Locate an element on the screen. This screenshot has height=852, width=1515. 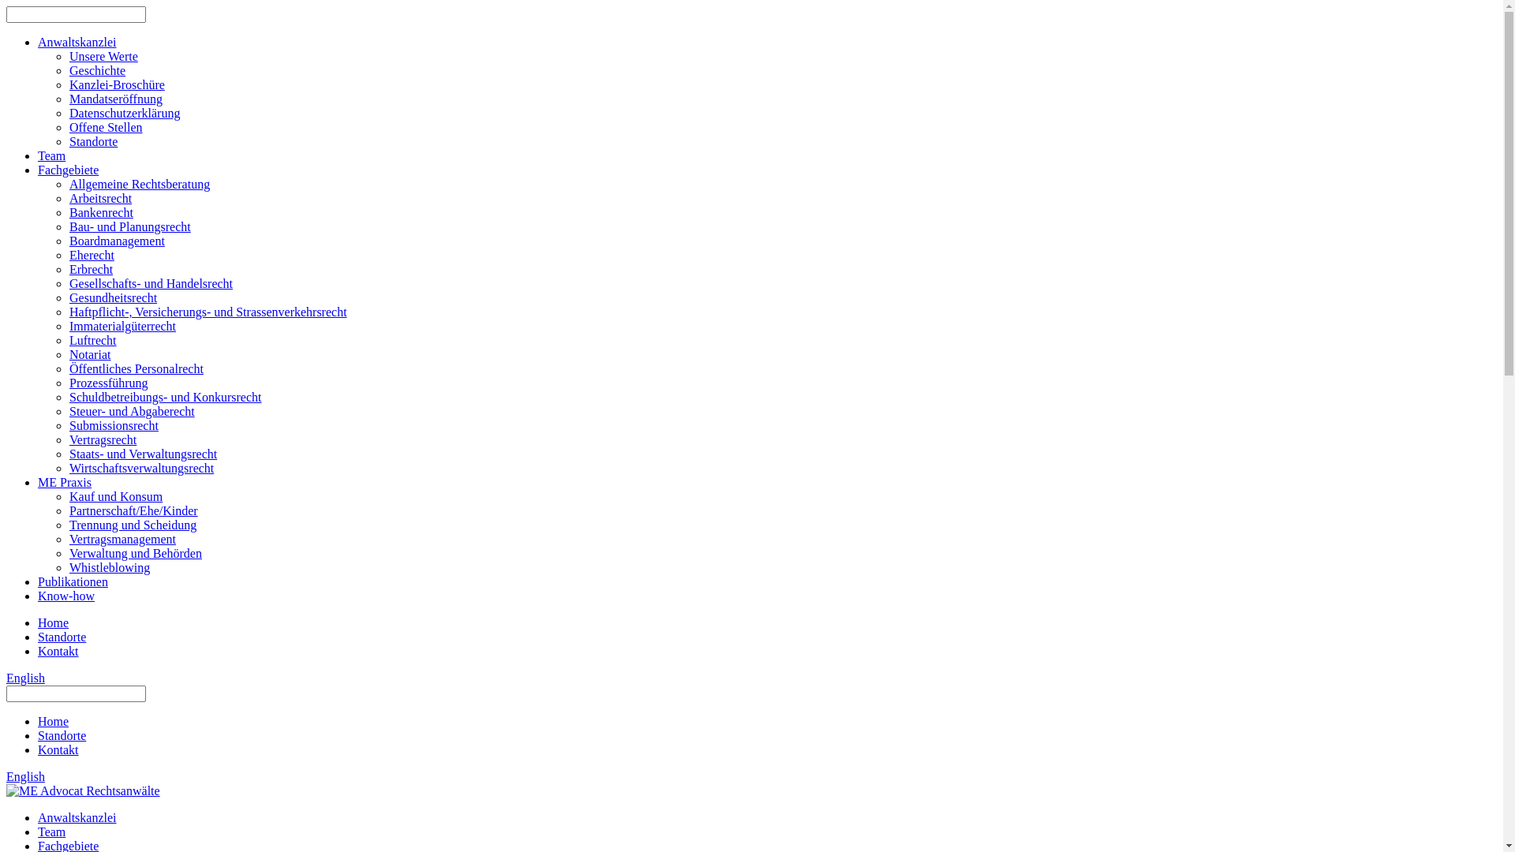
'Haftpflicht-, Versicherungs- und Strassenverkehrsrecht' is located at coordinates (208, 312).